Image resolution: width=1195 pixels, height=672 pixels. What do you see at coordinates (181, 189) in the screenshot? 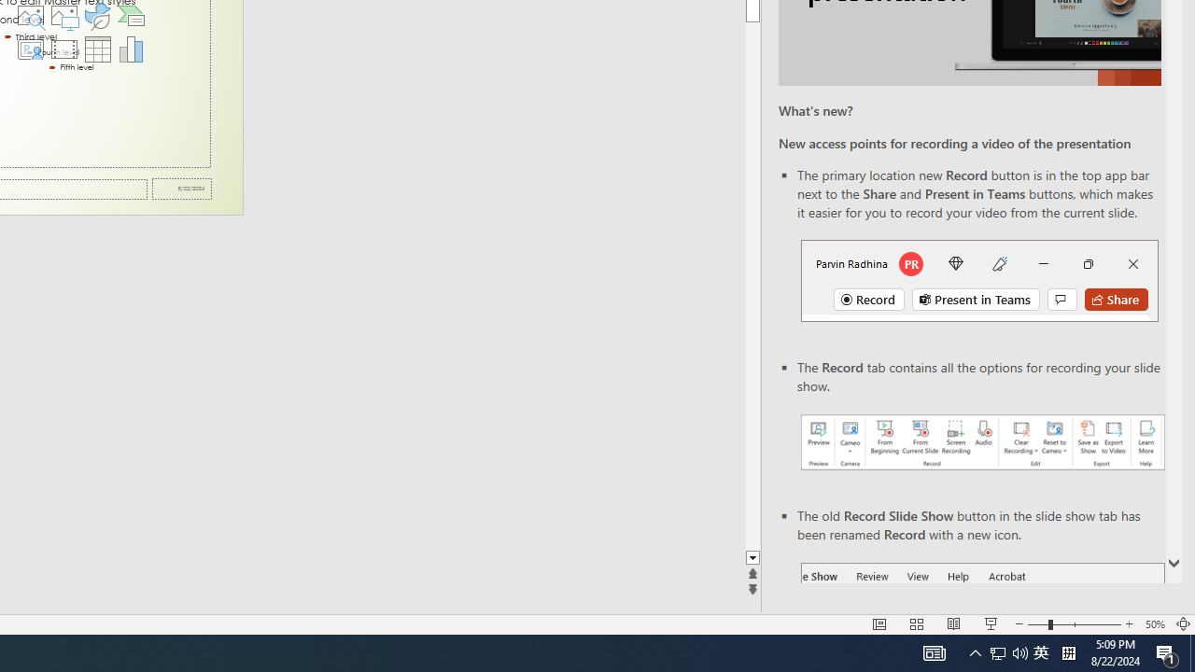
I see `'Date'` at bounding box center [181, 189].